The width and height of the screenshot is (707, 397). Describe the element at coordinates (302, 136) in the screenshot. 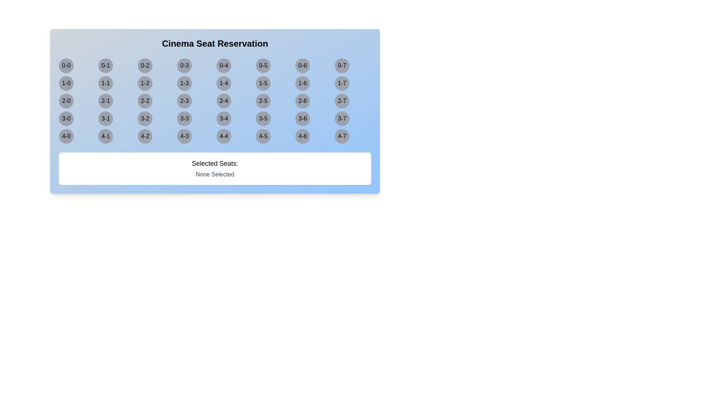

I see `the circular button labeled '4-6'` at that location.